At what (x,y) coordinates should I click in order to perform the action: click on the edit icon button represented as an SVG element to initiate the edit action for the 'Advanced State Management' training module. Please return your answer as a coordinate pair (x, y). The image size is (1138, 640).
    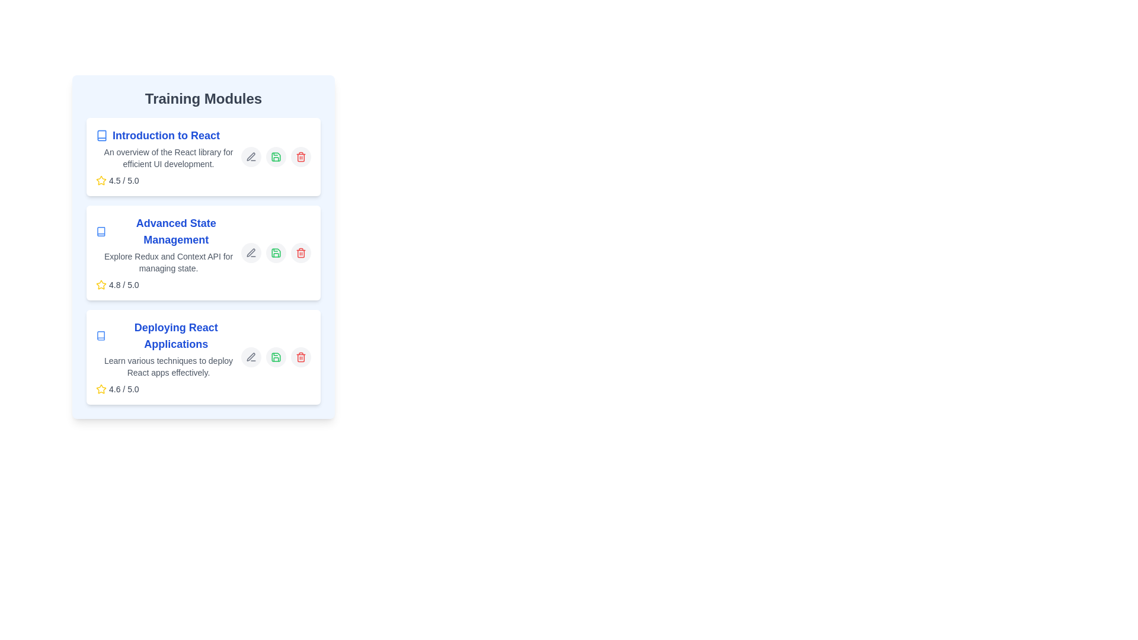
    Looking at the image, I should click on (250, 252).